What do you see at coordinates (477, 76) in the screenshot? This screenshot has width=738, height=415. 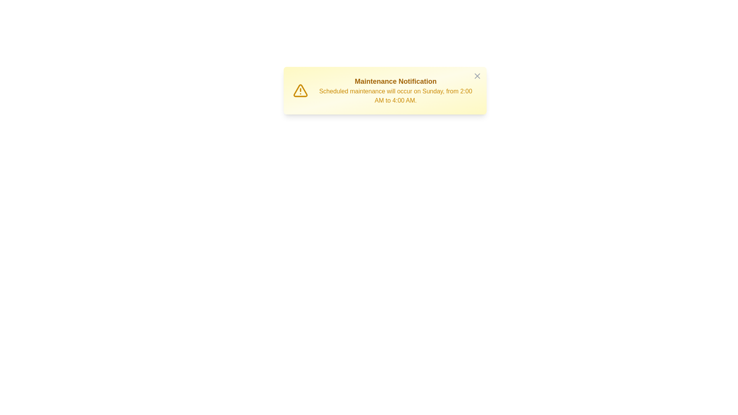 I see `the close button to dismiss the alert` at bounding box center [477, 76].